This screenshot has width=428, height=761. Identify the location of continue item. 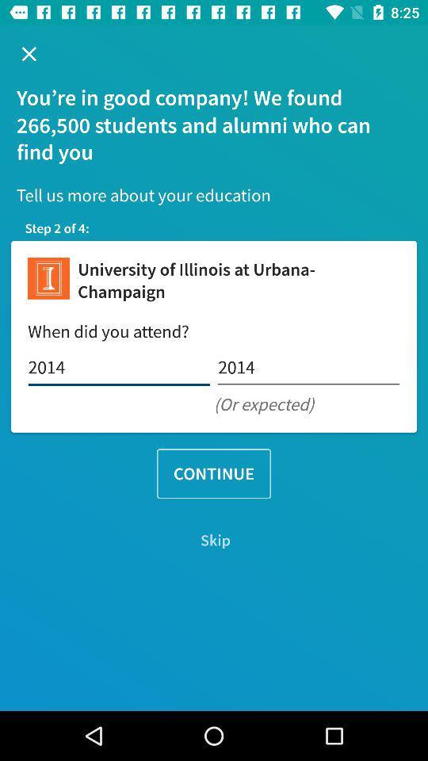
(214, 473).